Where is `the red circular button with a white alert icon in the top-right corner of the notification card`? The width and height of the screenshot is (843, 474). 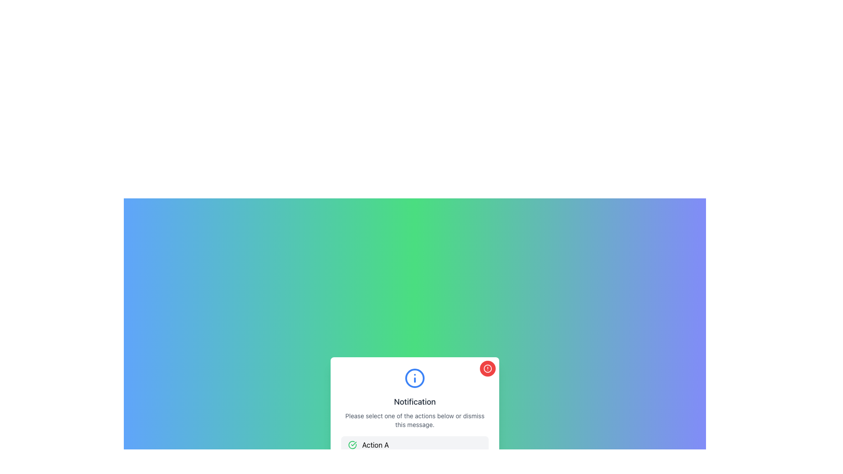 the red circular button with a white alert icon in the top-right corner of the notification card is located at coordinates (487, 369).